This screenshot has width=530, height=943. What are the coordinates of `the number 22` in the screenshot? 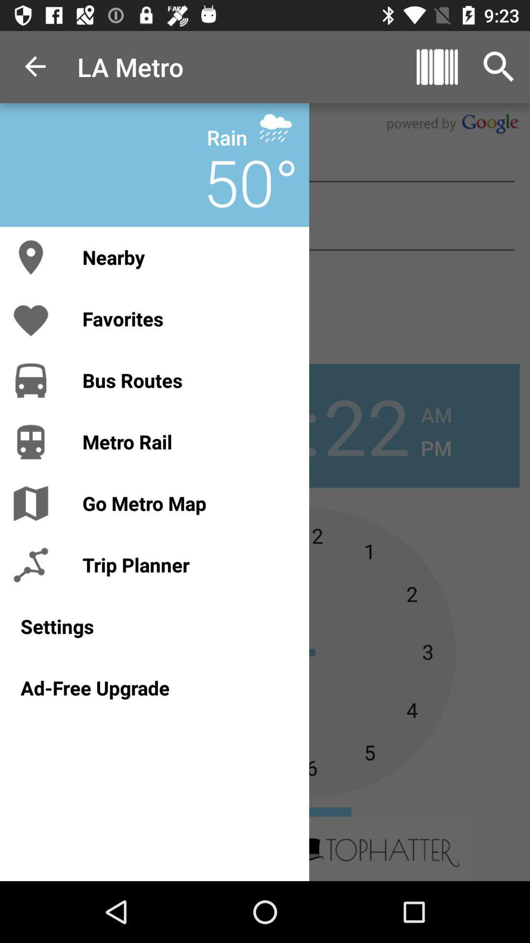 It's located at (367, 425).